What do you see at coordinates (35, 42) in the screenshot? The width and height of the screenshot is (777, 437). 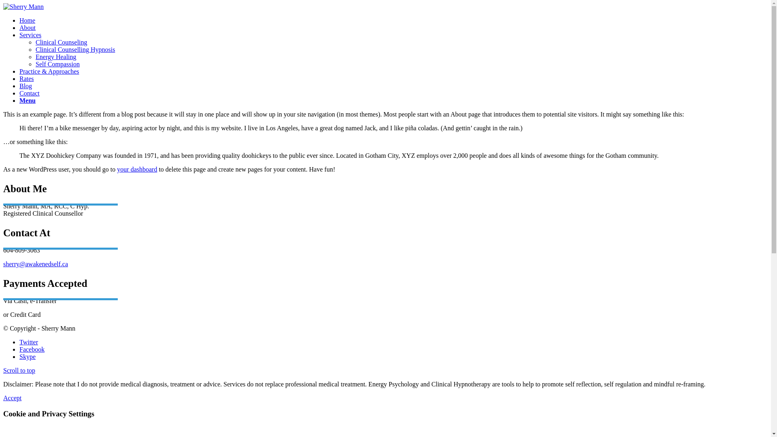 I see `'Clinical Counseling'` at bounding box center [35, 42].